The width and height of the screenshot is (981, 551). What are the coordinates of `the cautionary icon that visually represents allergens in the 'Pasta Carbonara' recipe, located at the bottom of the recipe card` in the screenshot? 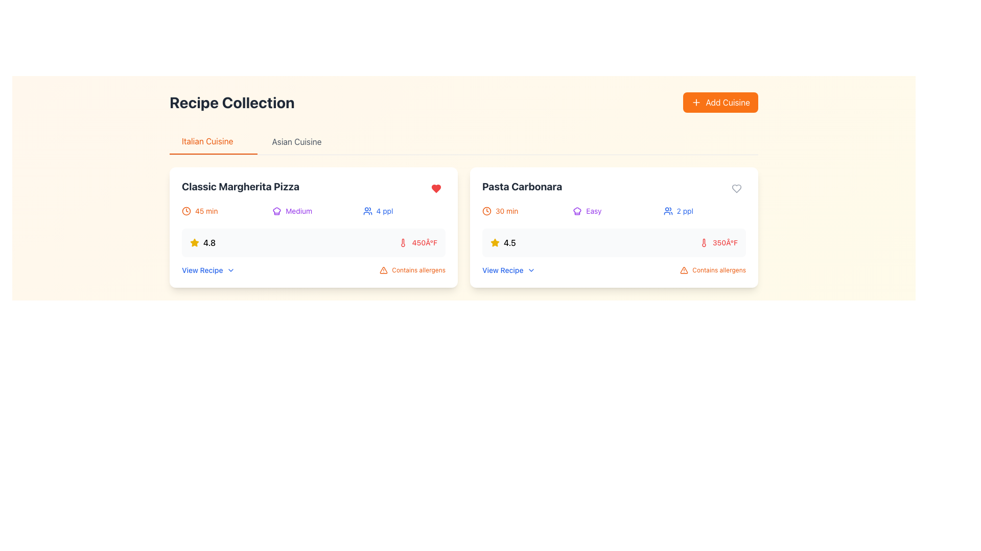 It's located at (684, 269).